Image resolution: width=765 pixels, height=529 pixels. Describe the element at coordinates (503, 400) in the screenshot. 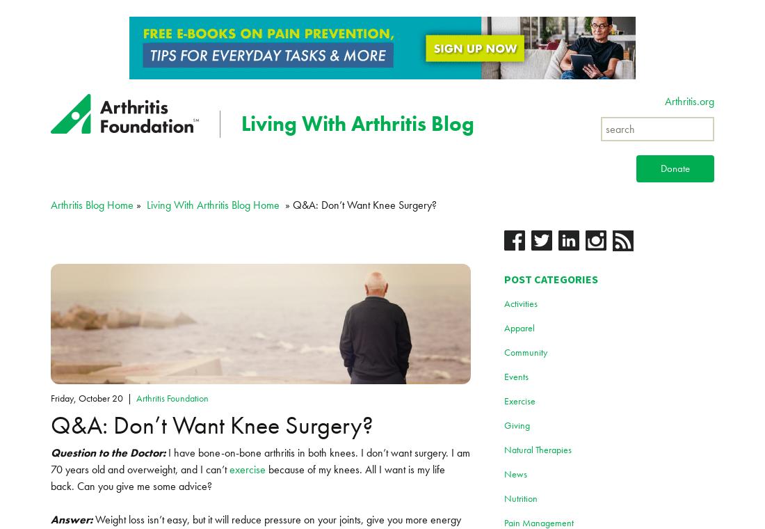

I see `'Exercise'` at that location.